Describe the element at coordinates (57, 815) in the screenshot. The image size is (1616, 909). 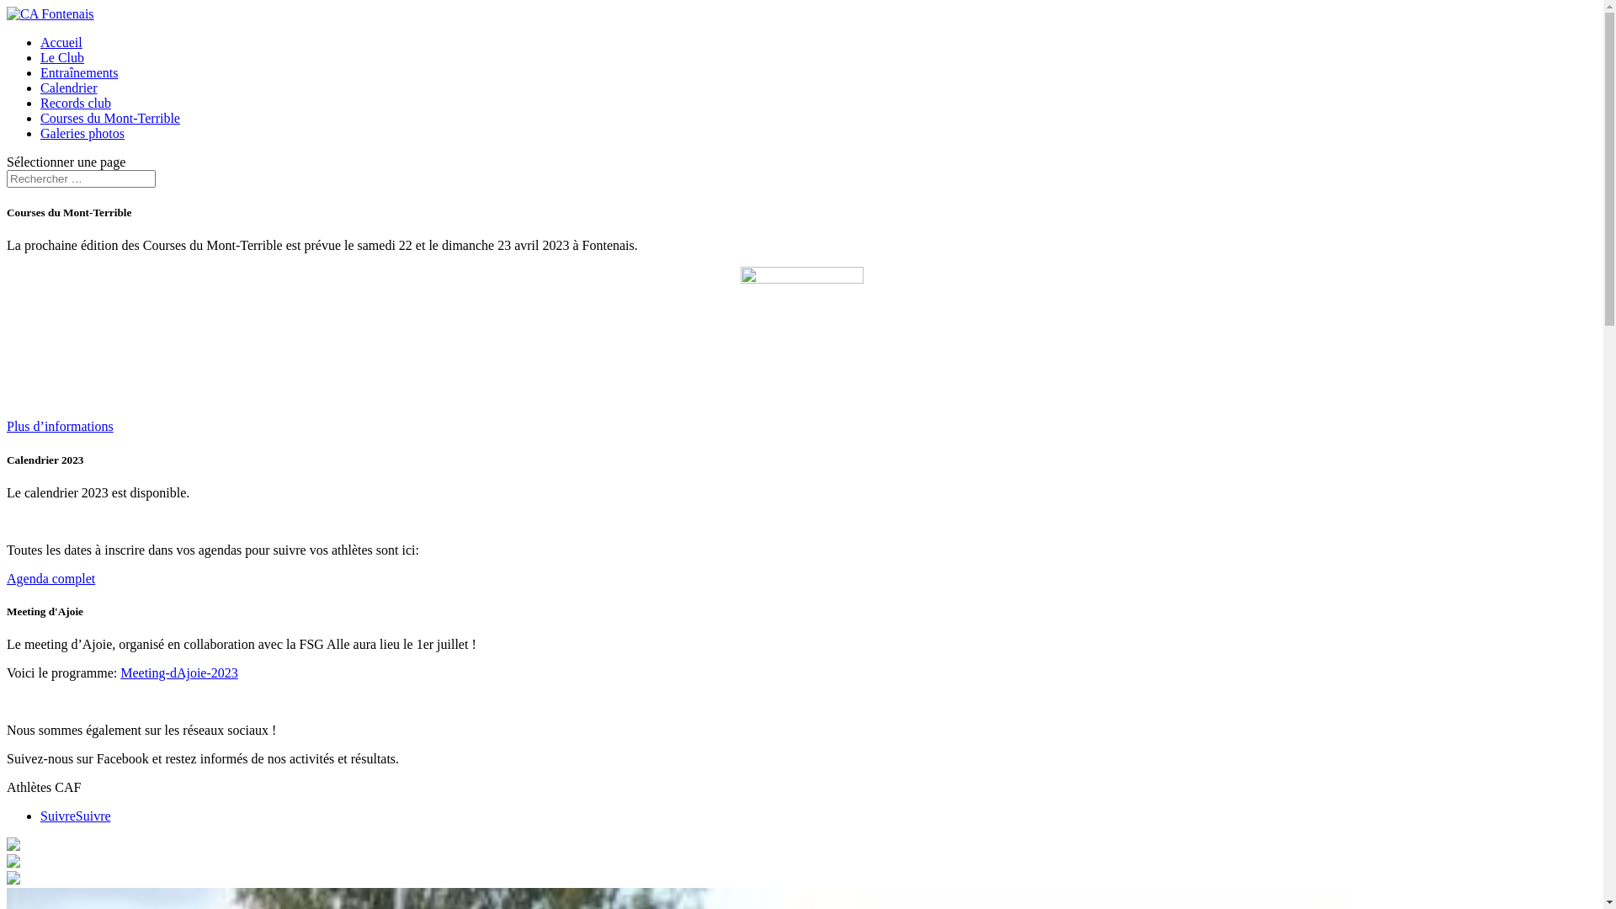
I see `'Suivre'` at that location.